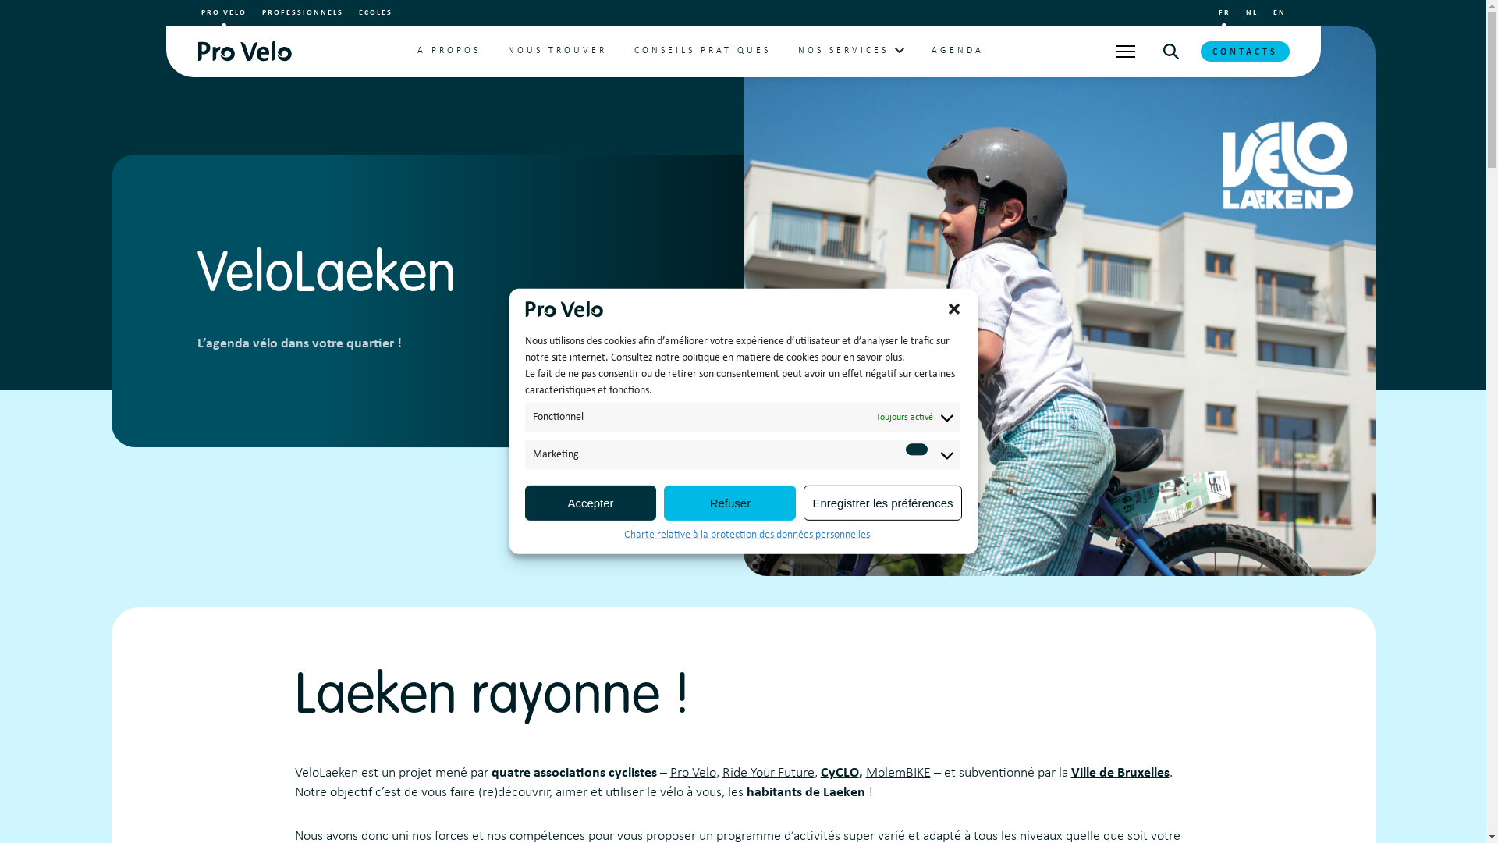 The width and height of the screenshot is (1498, 843). Describe the element at coordinates (1170, 50) in the screenshot. I see `'Rechercher'` at that location.